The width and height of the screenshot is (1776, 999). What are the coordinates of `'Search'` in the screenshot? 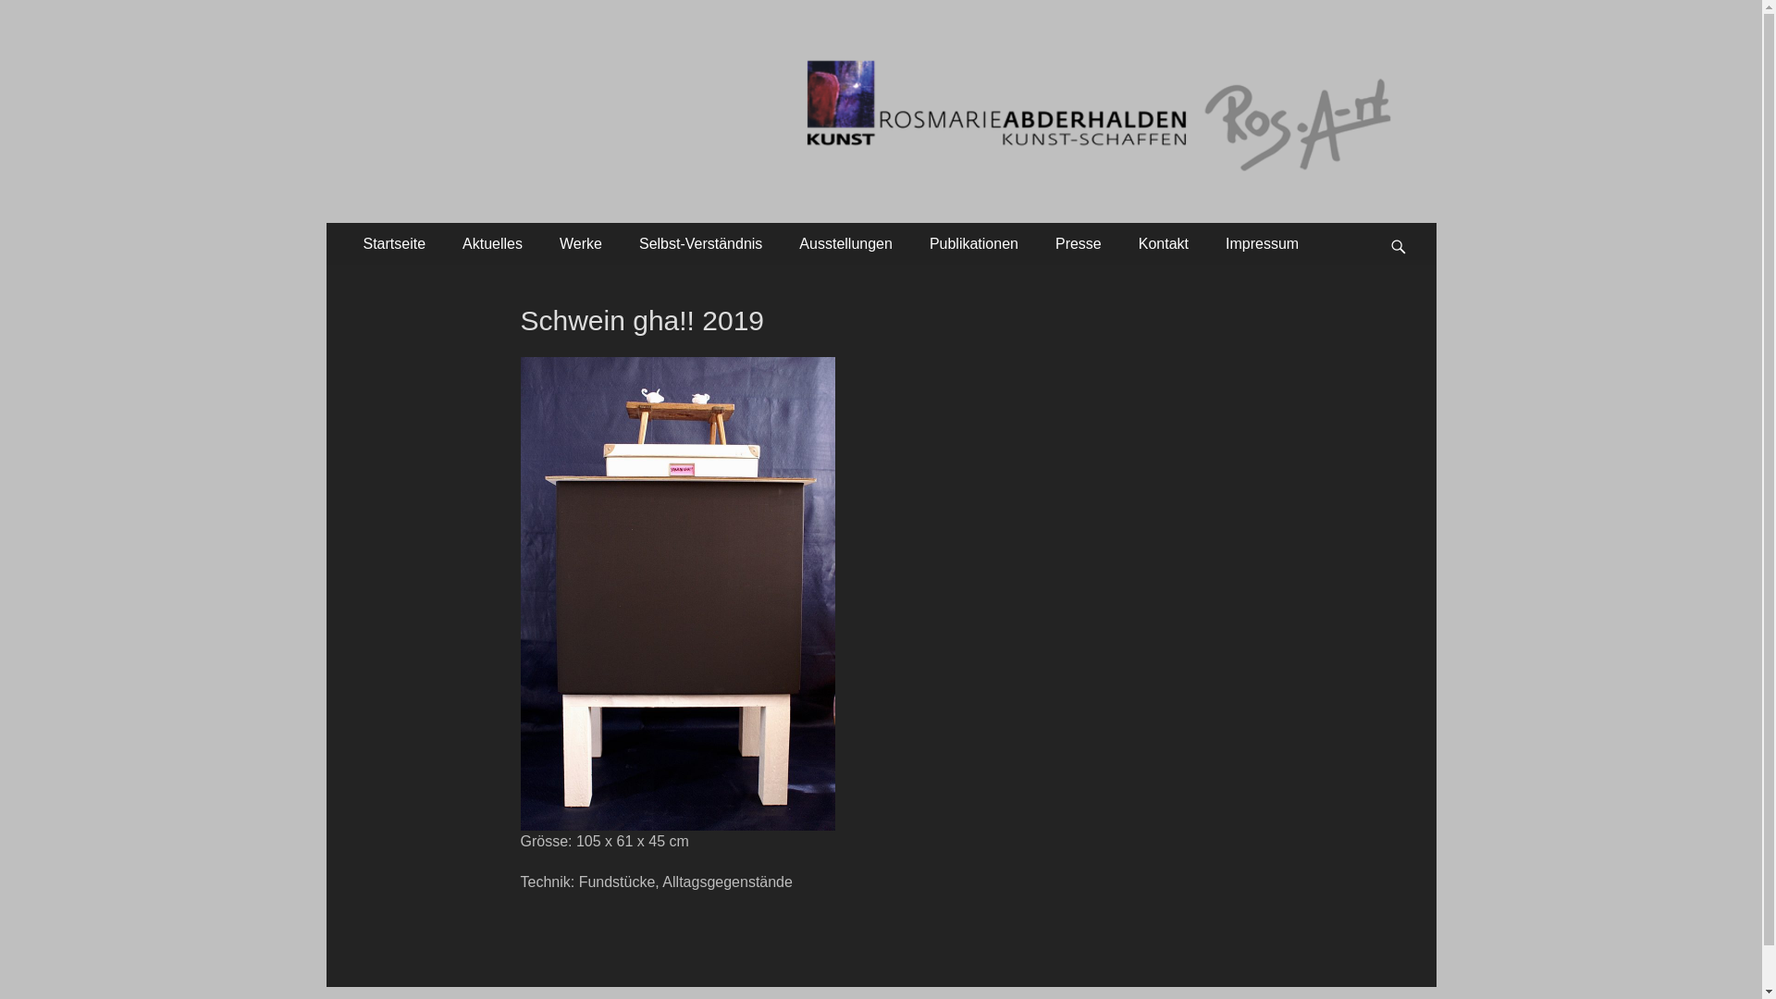 It's located at (1406, 221).